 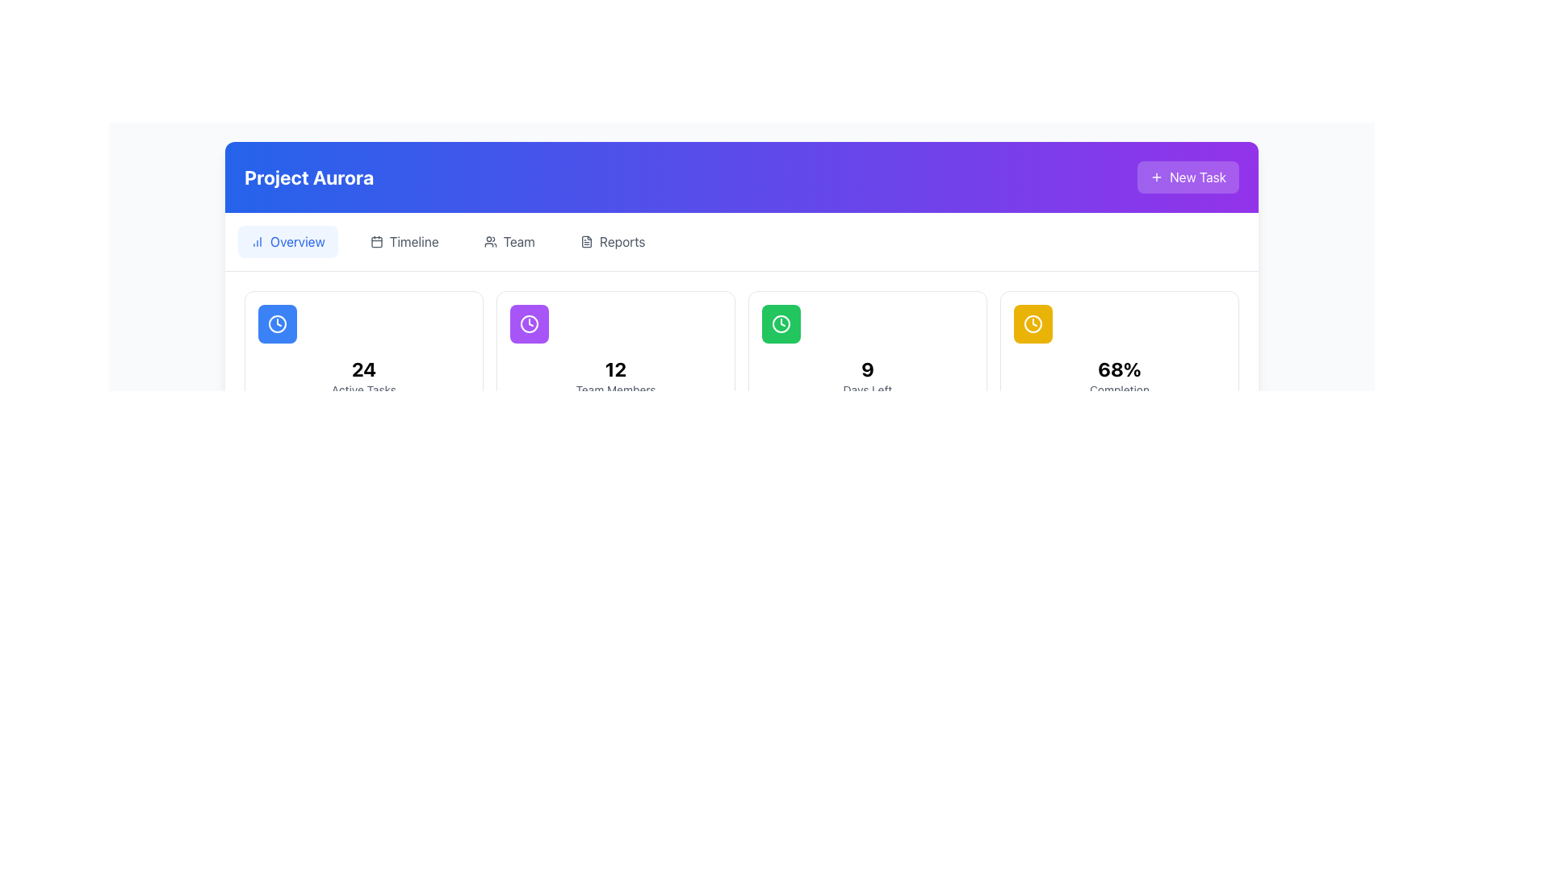 I want to click on the 'Overview' text label in blue font located in the upper-left navigation section, so click(x=297, y=242).